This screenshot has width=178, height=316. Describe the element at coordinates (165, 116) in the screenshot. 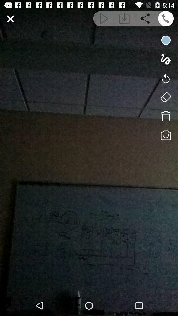

I see `delete the box` at that location.